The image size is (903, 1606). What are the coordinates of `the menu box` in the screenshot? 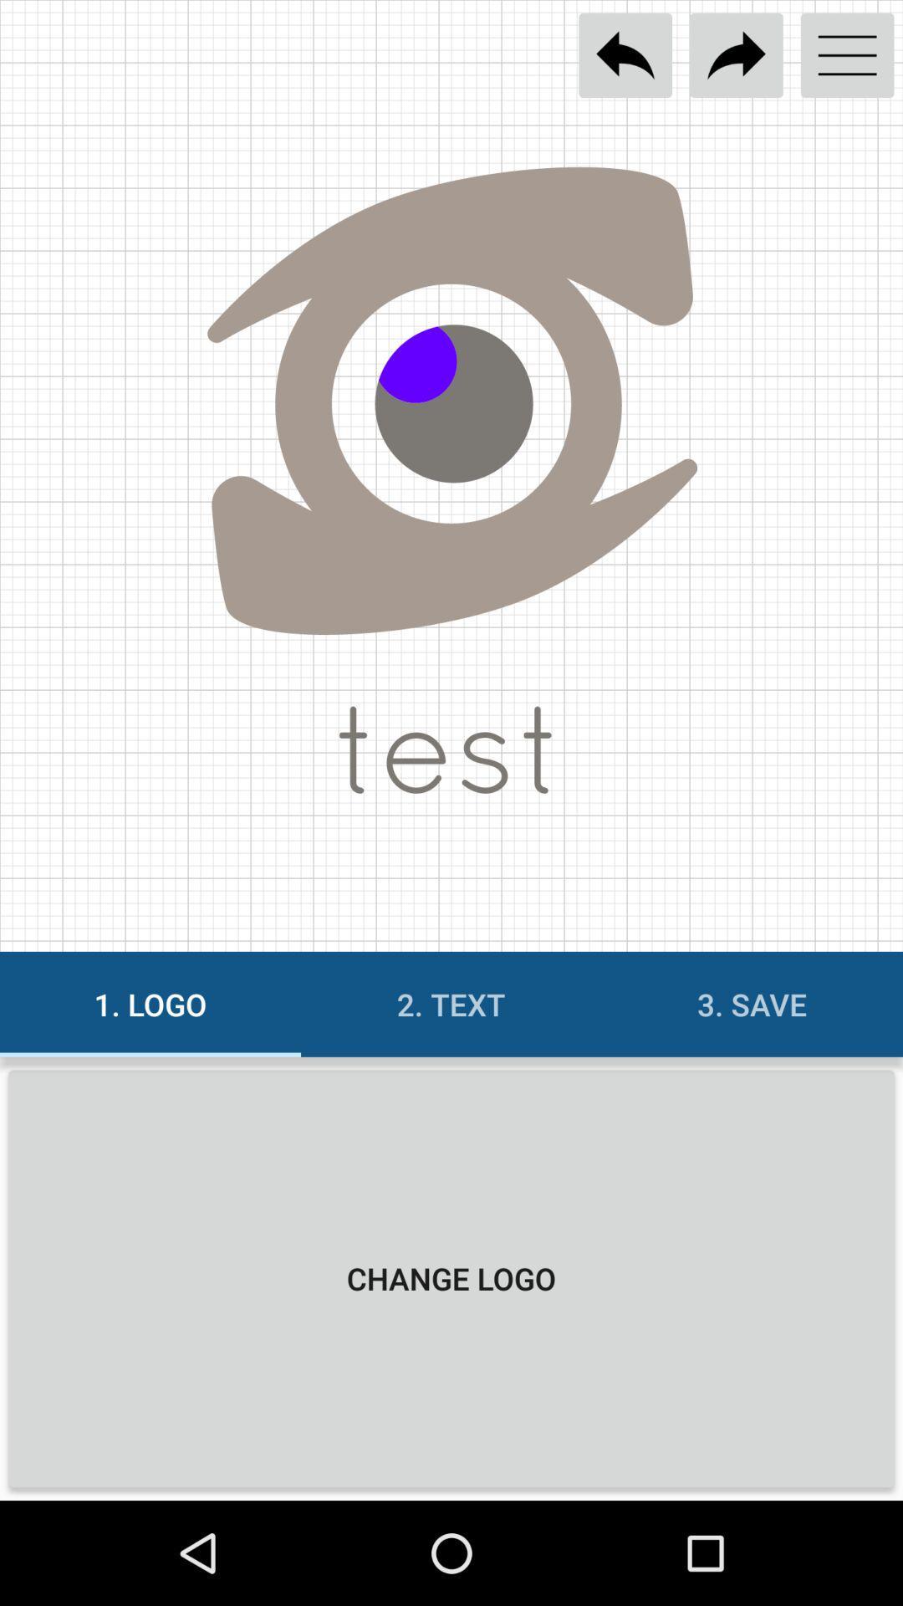 It's located at (847, 55).